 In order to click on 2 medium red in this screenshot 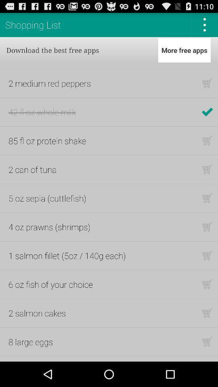, I will do `click(50, 83)`.